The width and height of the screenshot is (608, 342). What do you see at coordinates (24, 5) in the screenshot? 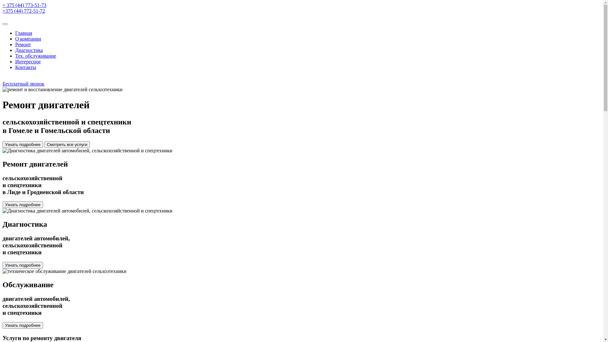
I see `'+ 375 (44) 773-51-73'` at bounding box center [24, 5].